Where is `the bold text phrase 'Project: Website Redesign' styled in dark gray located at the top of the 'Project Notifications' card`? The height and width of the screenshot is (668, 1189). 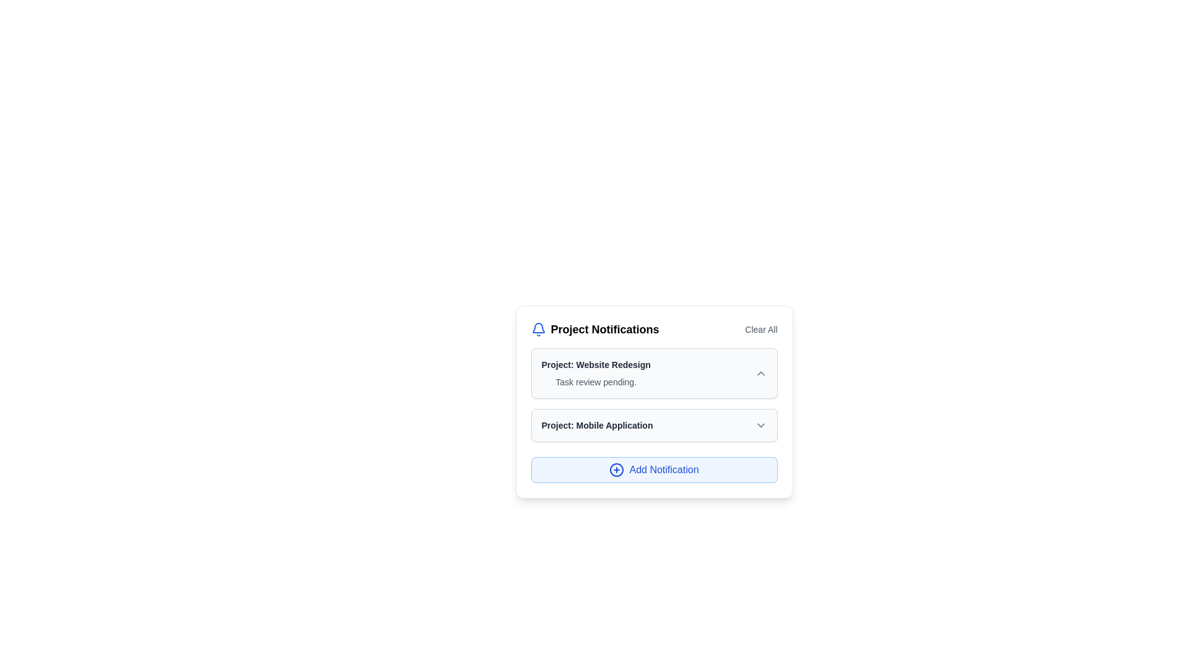
the bold text phrase 'Project: Website Redesign' styled in dark gray located at the top of the 'Project Notifications' card is located at coordinates (596, 364).